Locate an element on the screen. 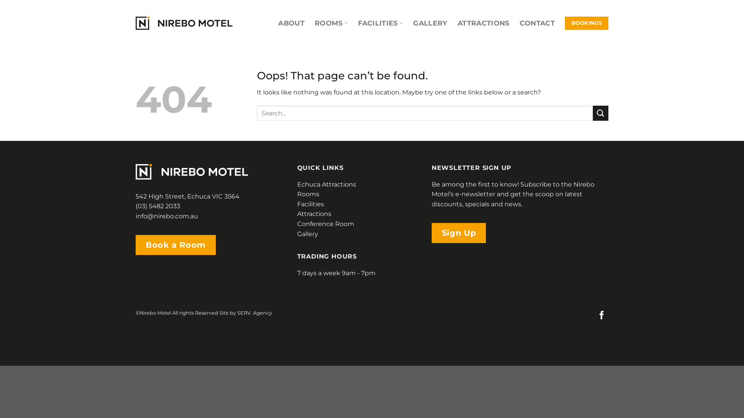  'Echuca Attractions' is located at coordinates (327, 184).